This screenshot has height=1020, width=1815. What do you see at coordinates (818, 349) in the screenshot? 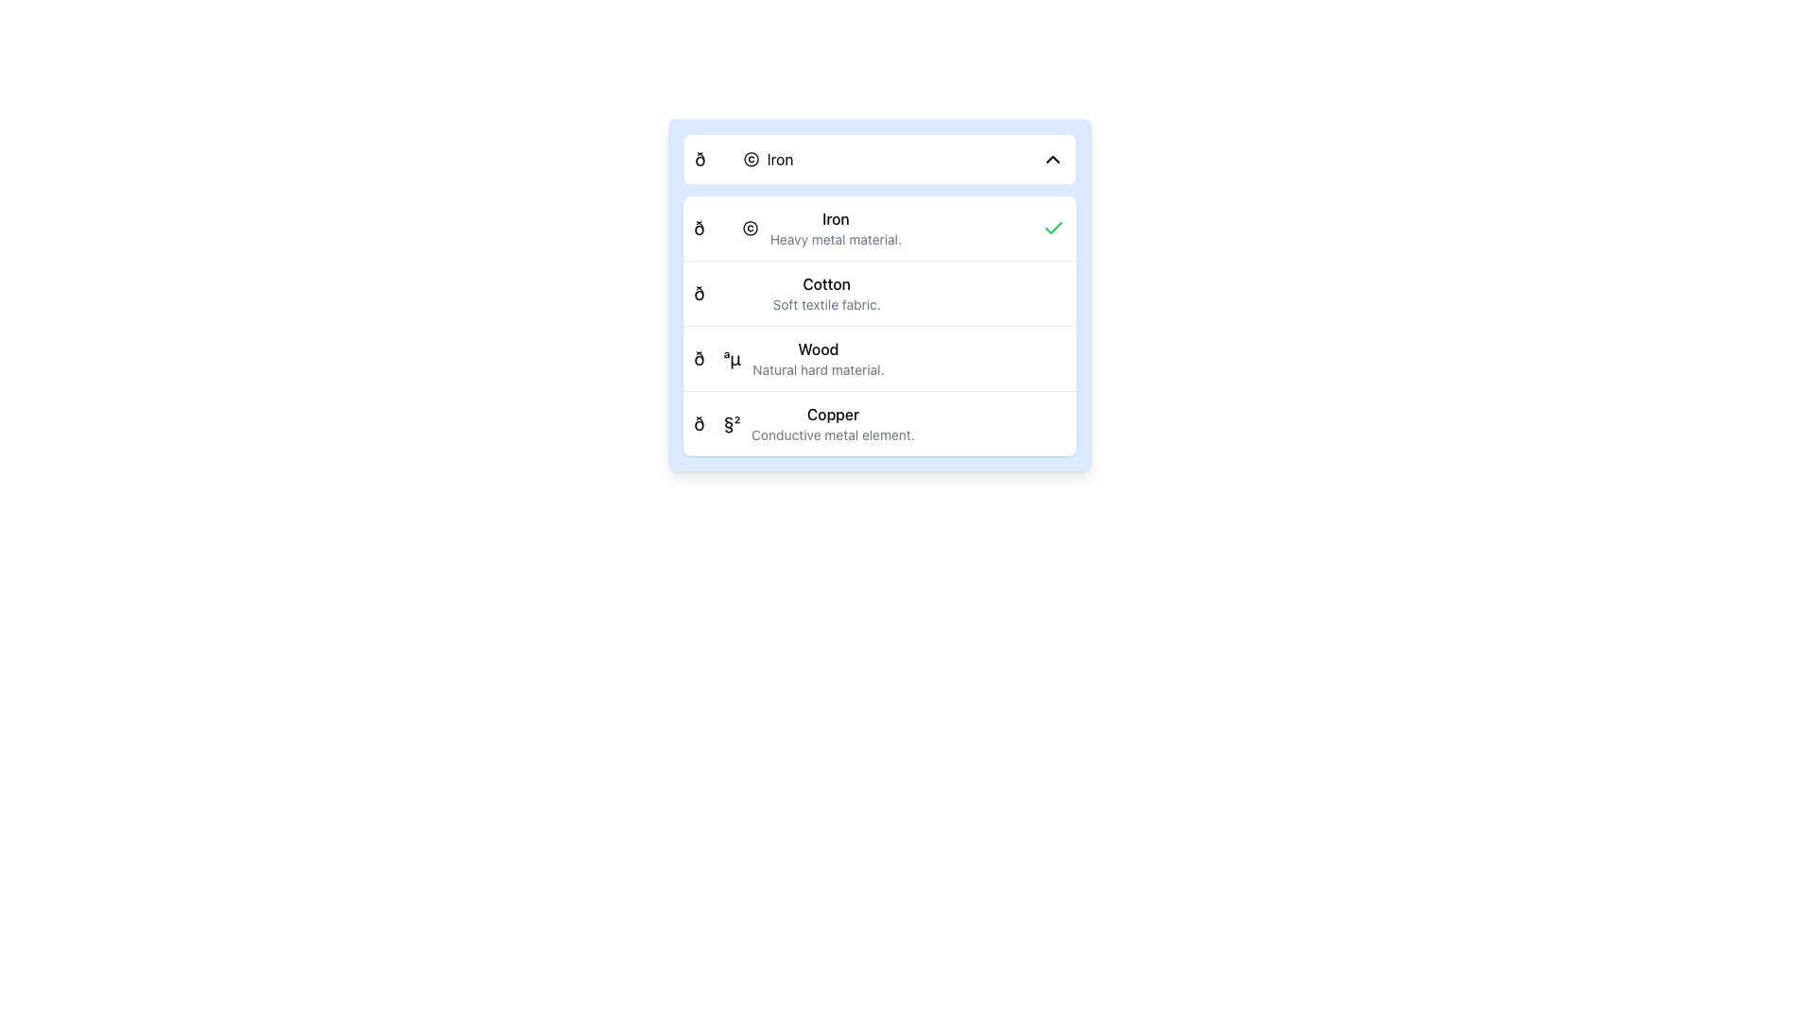
I see `text of the 'Wood' label, which is the third item in the hierarchical list and serves as the main identifier for the associated descriptive text` at bounding box center [818, 349].